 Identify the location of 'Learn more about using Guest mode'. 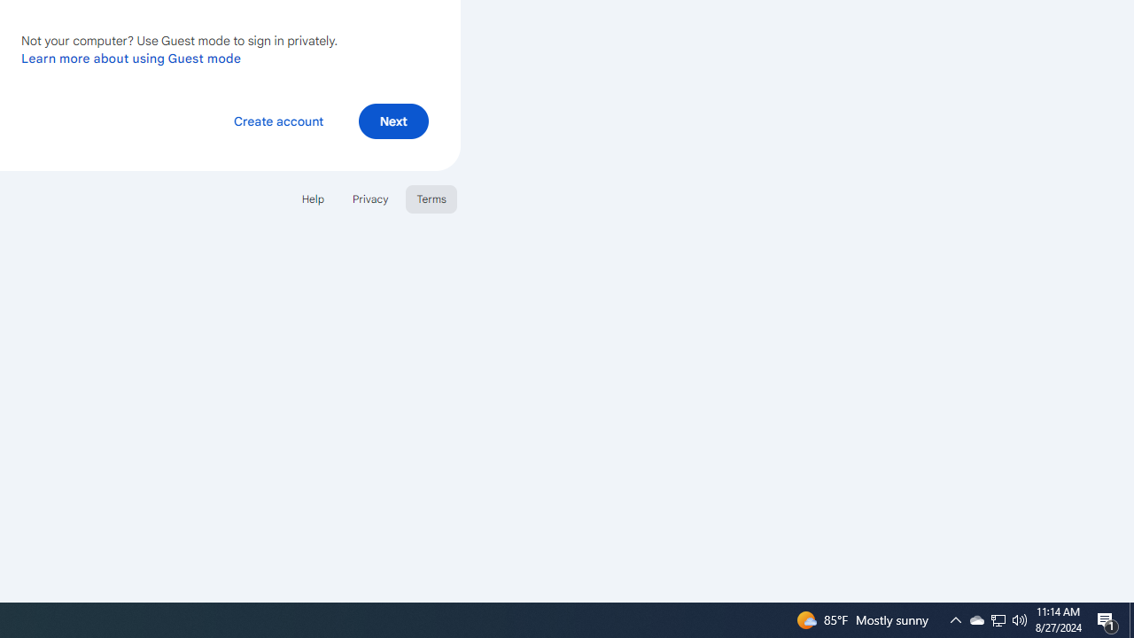
(130, 57).